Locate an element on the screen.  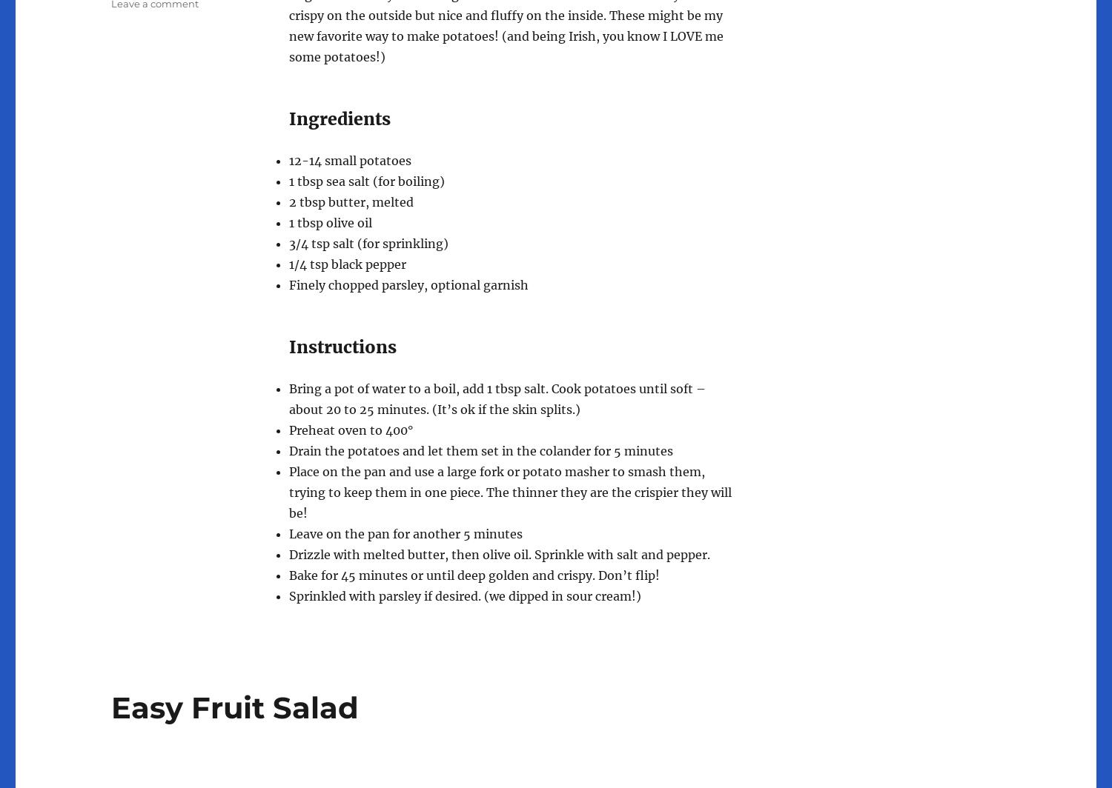
'12-14 small potatoes' is located at coordinates (349, 159).